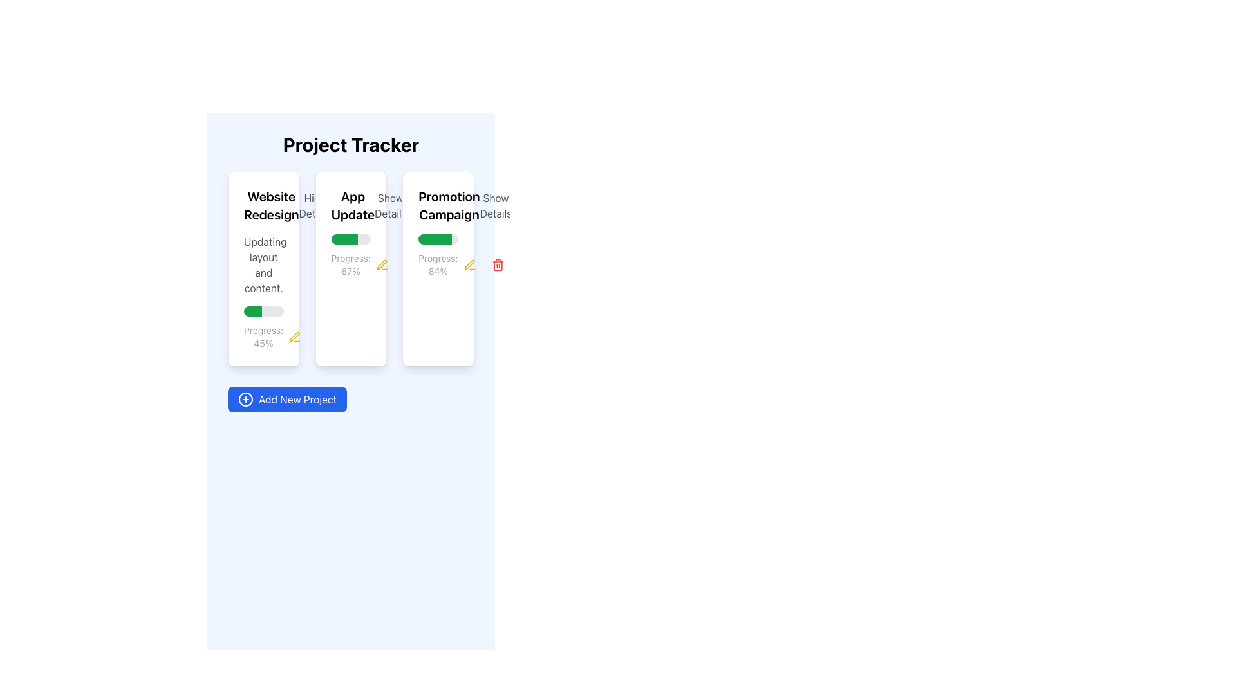 Image resolution: width=1236 pixels, height=695 pixels. Describe the element at coordinates (286, 399) in the screenshot. I see `the 'Add New Project' button located below three project cards in the 'Project Tracker' section to initiate the creation of a new project` at that location.